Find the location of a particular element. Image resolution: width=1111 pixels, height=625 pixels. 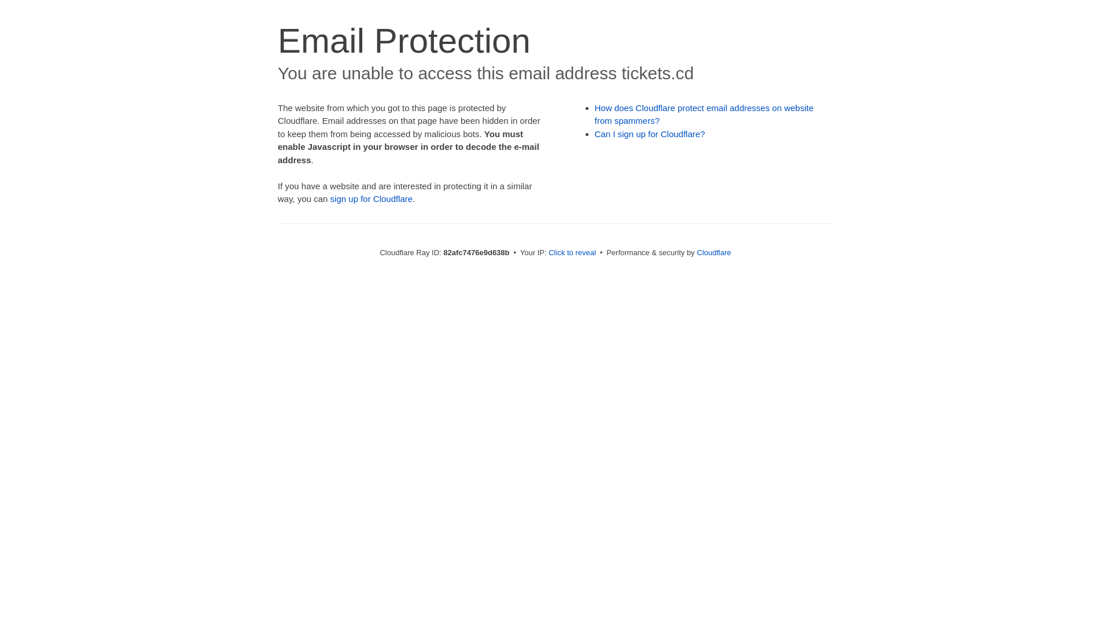

'Click to reveal' is located at coordinates (572, 252).